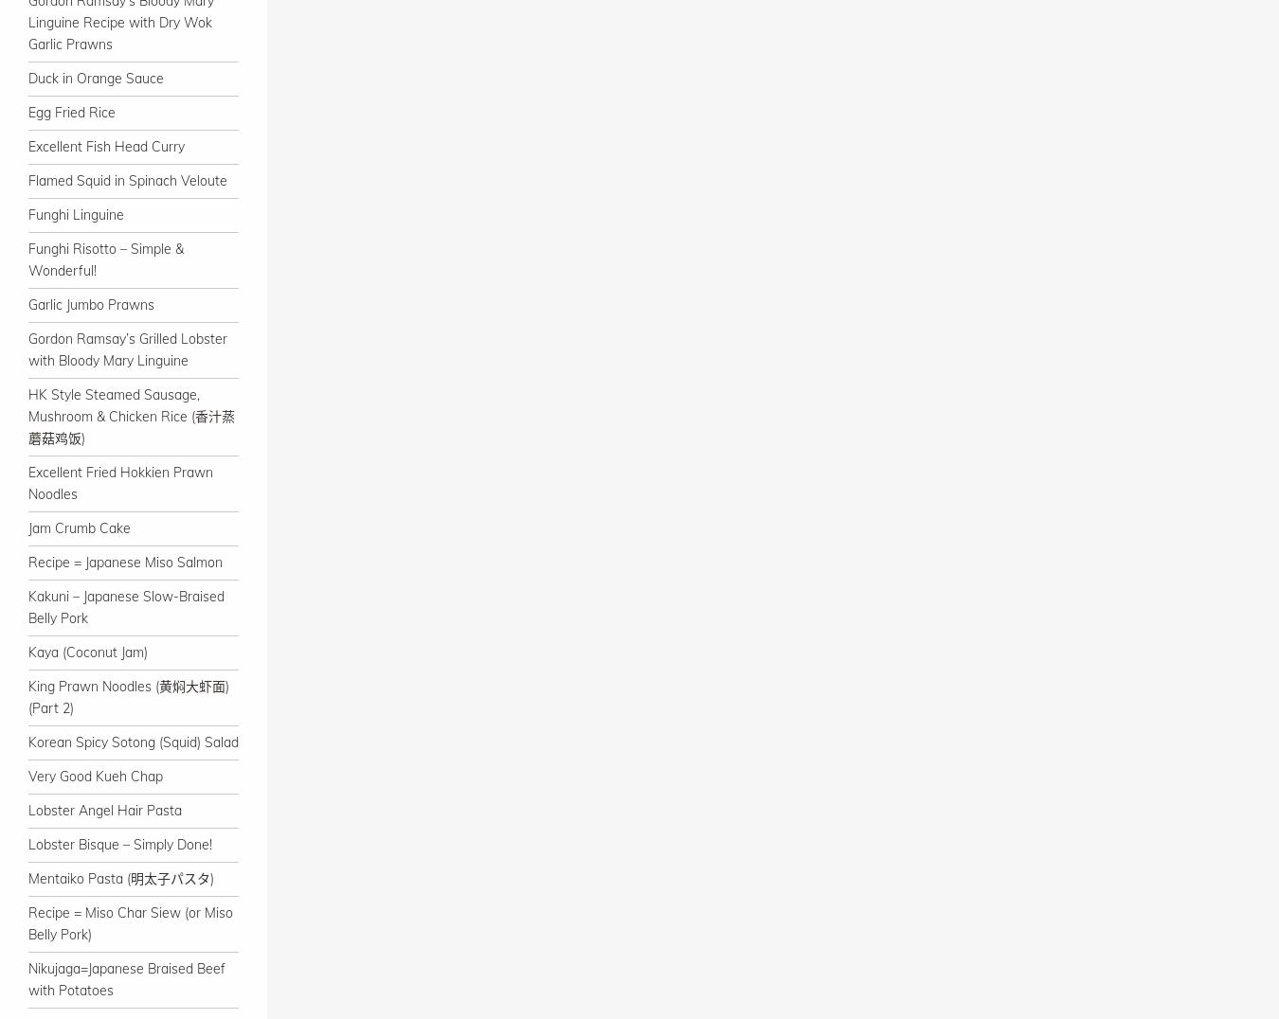  I want to click on 'Funghi Risotto – Simple & Wonderful!', so click(27, 259).